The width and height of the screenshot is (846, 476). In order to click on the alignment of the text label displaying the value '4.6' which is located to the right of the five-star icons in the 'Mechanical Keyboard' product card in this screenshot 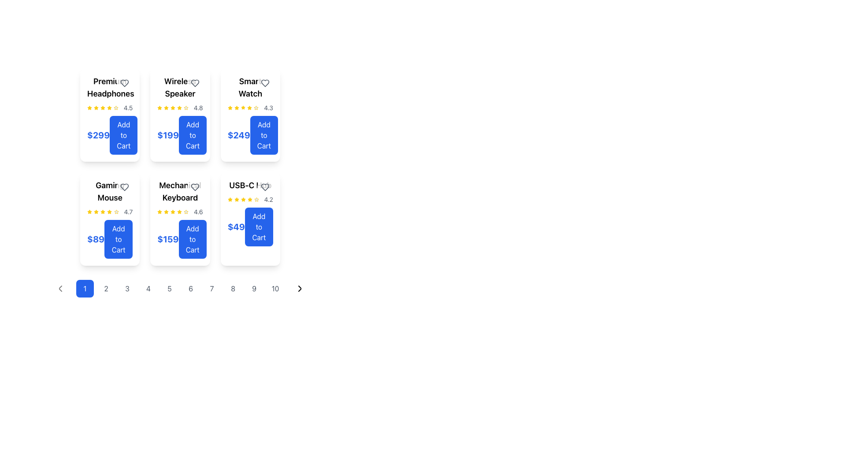, I will do `click(198, 212)`.